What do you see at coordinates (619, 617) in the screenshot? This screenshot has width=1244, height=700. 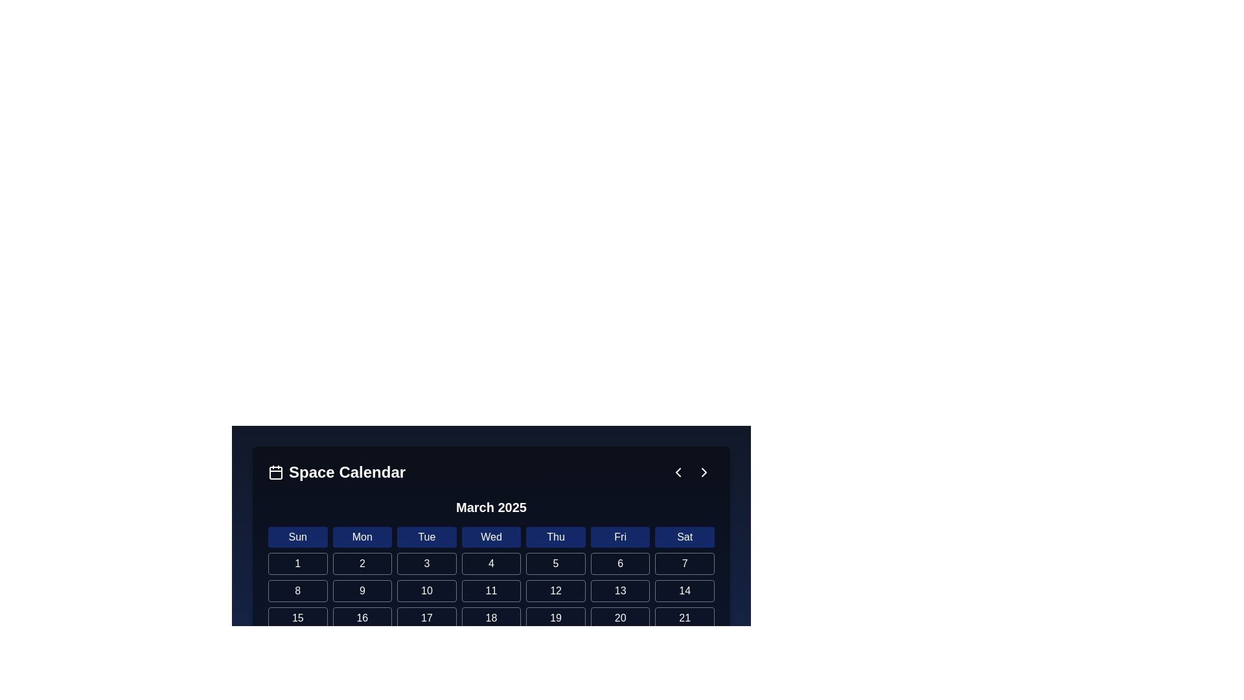 I see `the Calendar date cell representing the 20th day of the month, located in the sixth column of the fourth row in the calendar grid` at bounding box center [619, 617].